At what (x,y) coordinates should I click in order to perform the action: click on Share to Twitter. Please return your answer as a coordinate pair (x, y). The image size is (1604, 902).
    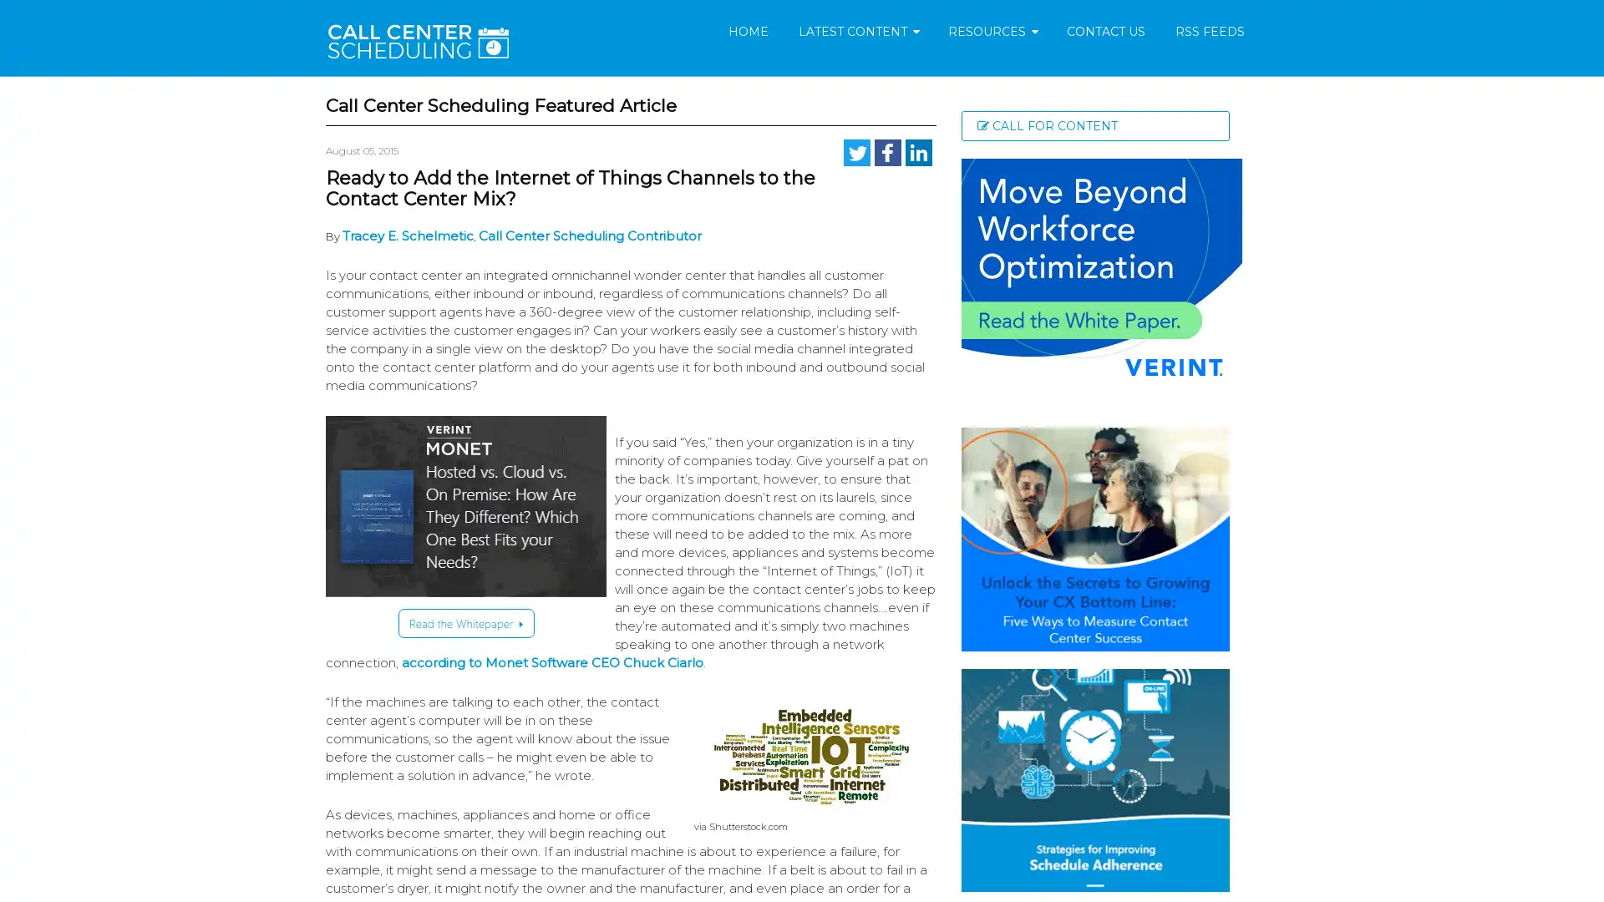
    Looking at the image, I should click on (856, 152).